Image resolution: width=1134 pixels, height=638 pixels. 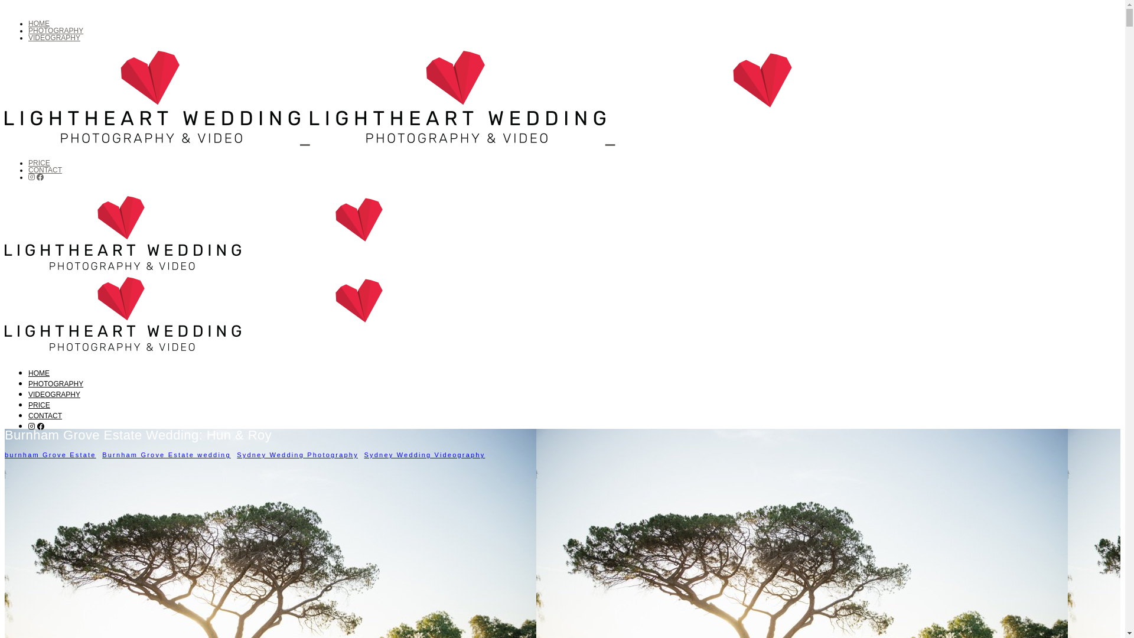 I want to click on 'Sydney Wedding Videography', so click(x=364, y=454).